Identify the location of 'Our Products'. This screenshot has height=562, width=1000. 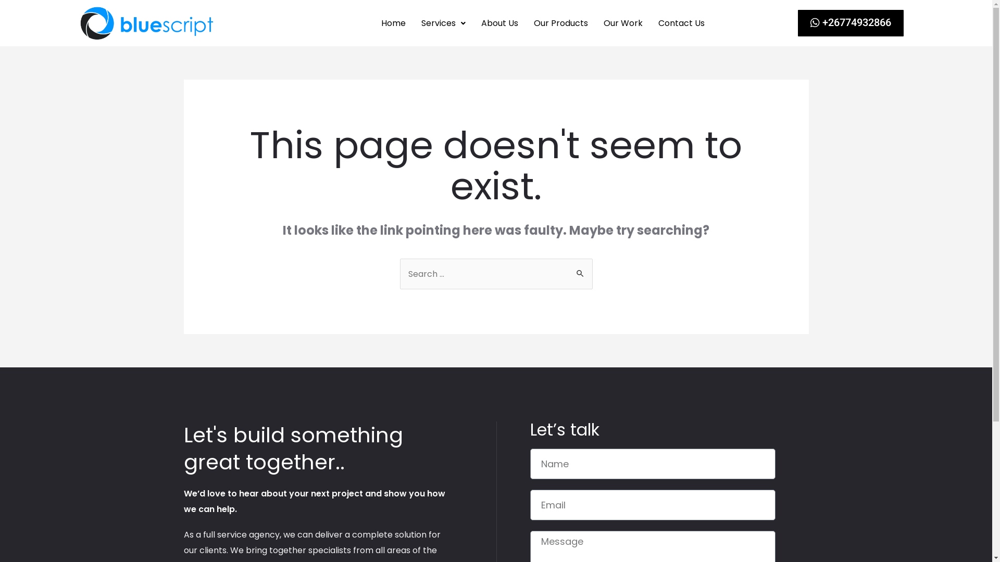
(526, 23).